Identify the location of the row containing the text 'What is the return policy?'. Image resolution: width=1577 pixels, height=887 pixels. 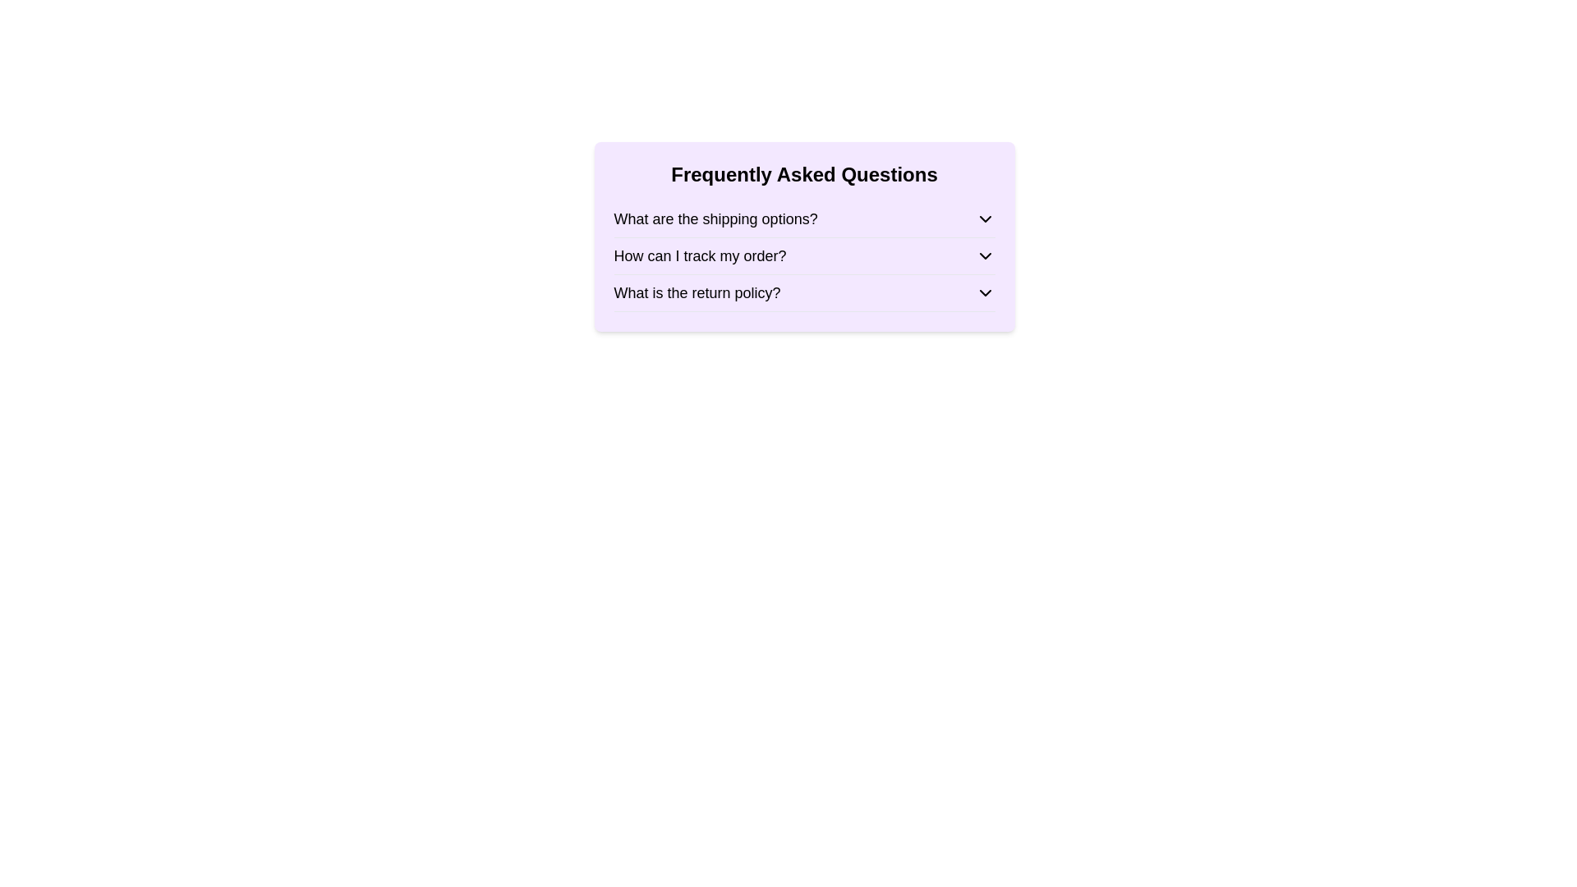
(697, 292).